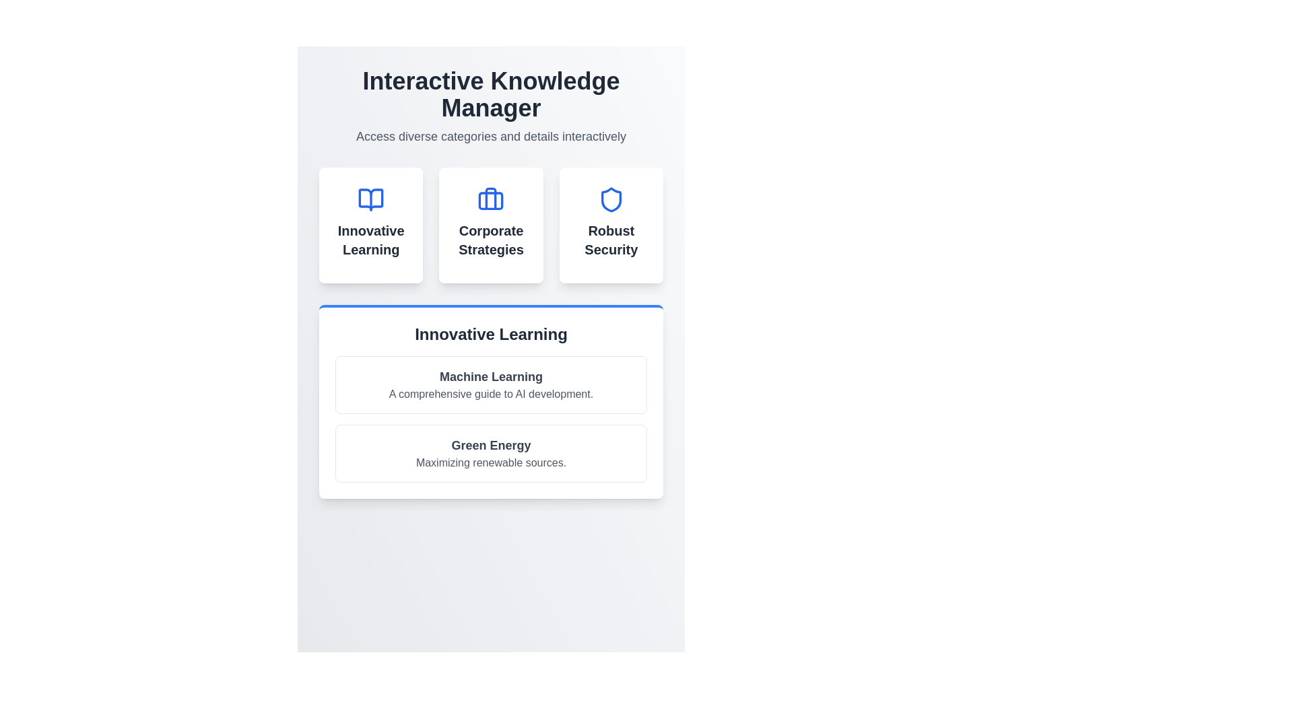 The height and width of the screenshot is (727, 1293). Describe the element at coordinates (490, 201) in the screenshot. I see `the rectangle icon with rounded corners located within the suitcase icon, which is part of the 'Corporate Strategies' card situated in the top-middle section of the interface` at that location.